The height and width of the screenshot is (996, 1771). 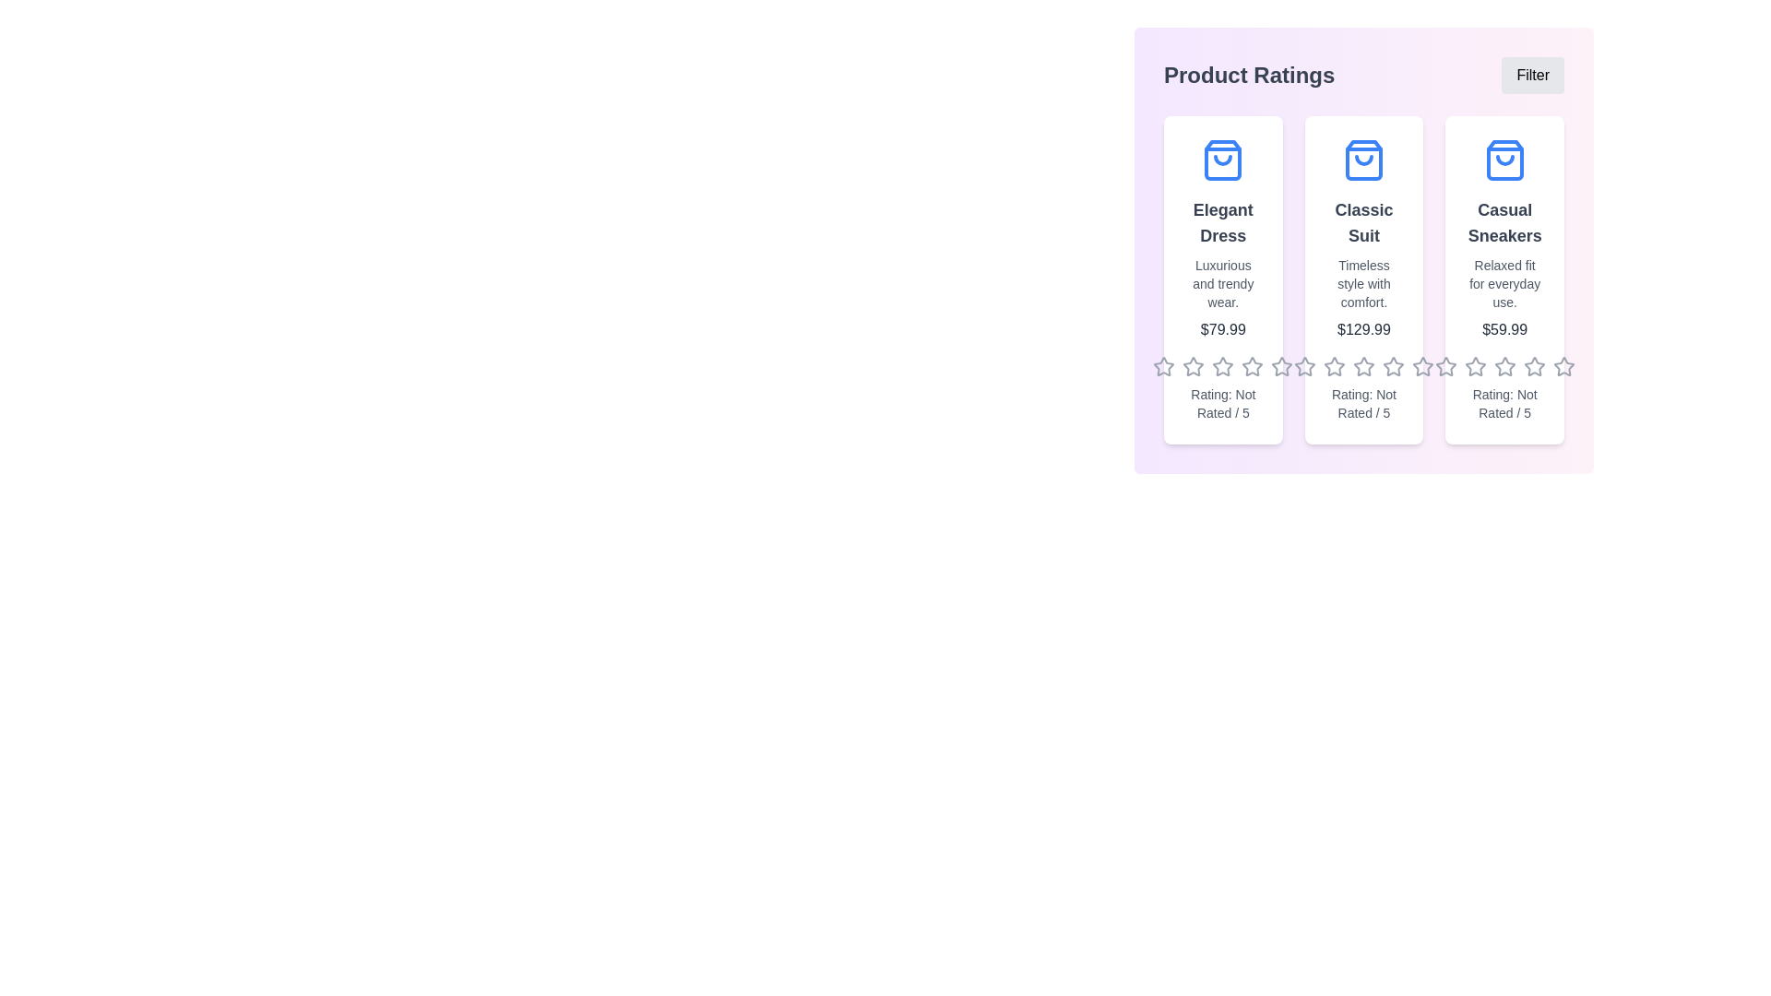 What do you see at coordinates (1194, 366) in the screenshot?
I see `the rating of a product to 2 stars by clicking on the respective star in the product's rating section` at bounding box center [1194, 366].